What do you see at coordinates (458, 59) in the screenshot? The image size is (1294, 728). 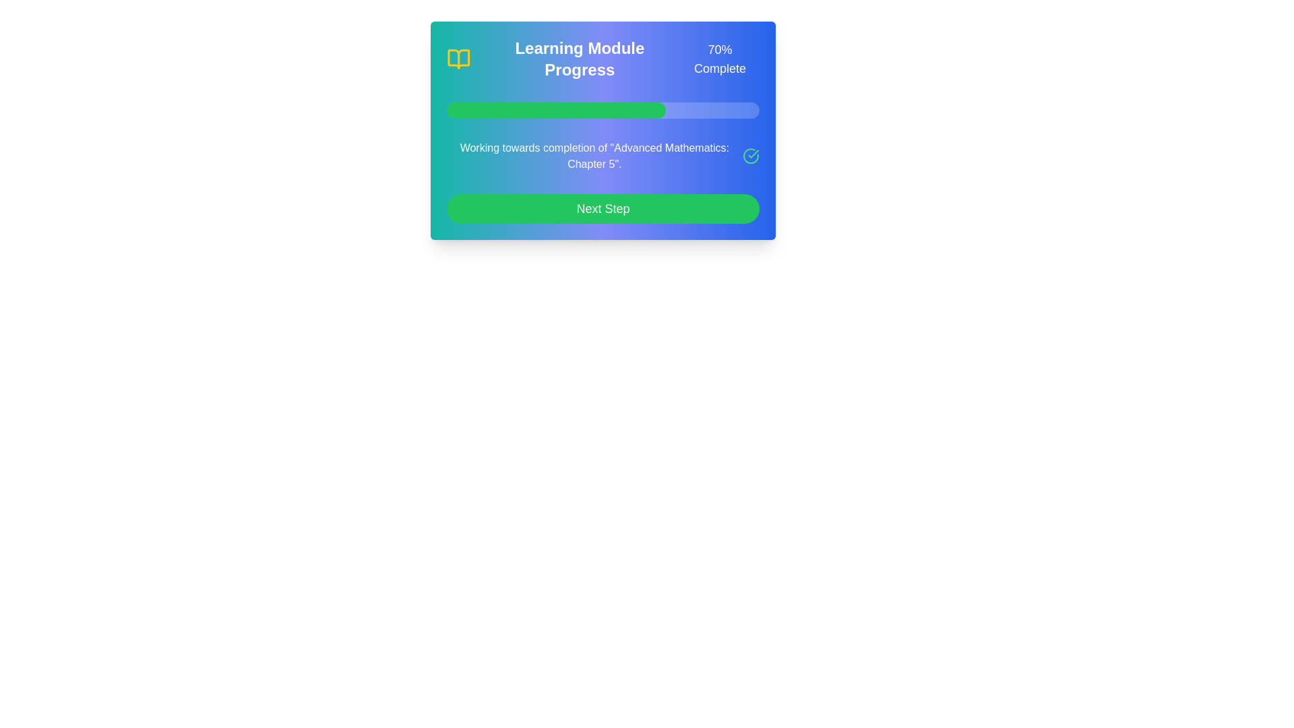 I see `the icon representing reading or progress in the learning module, located to the left of the title 'Learning Module Progress' in the top-left section of the card` at bounding box center [458, 59].